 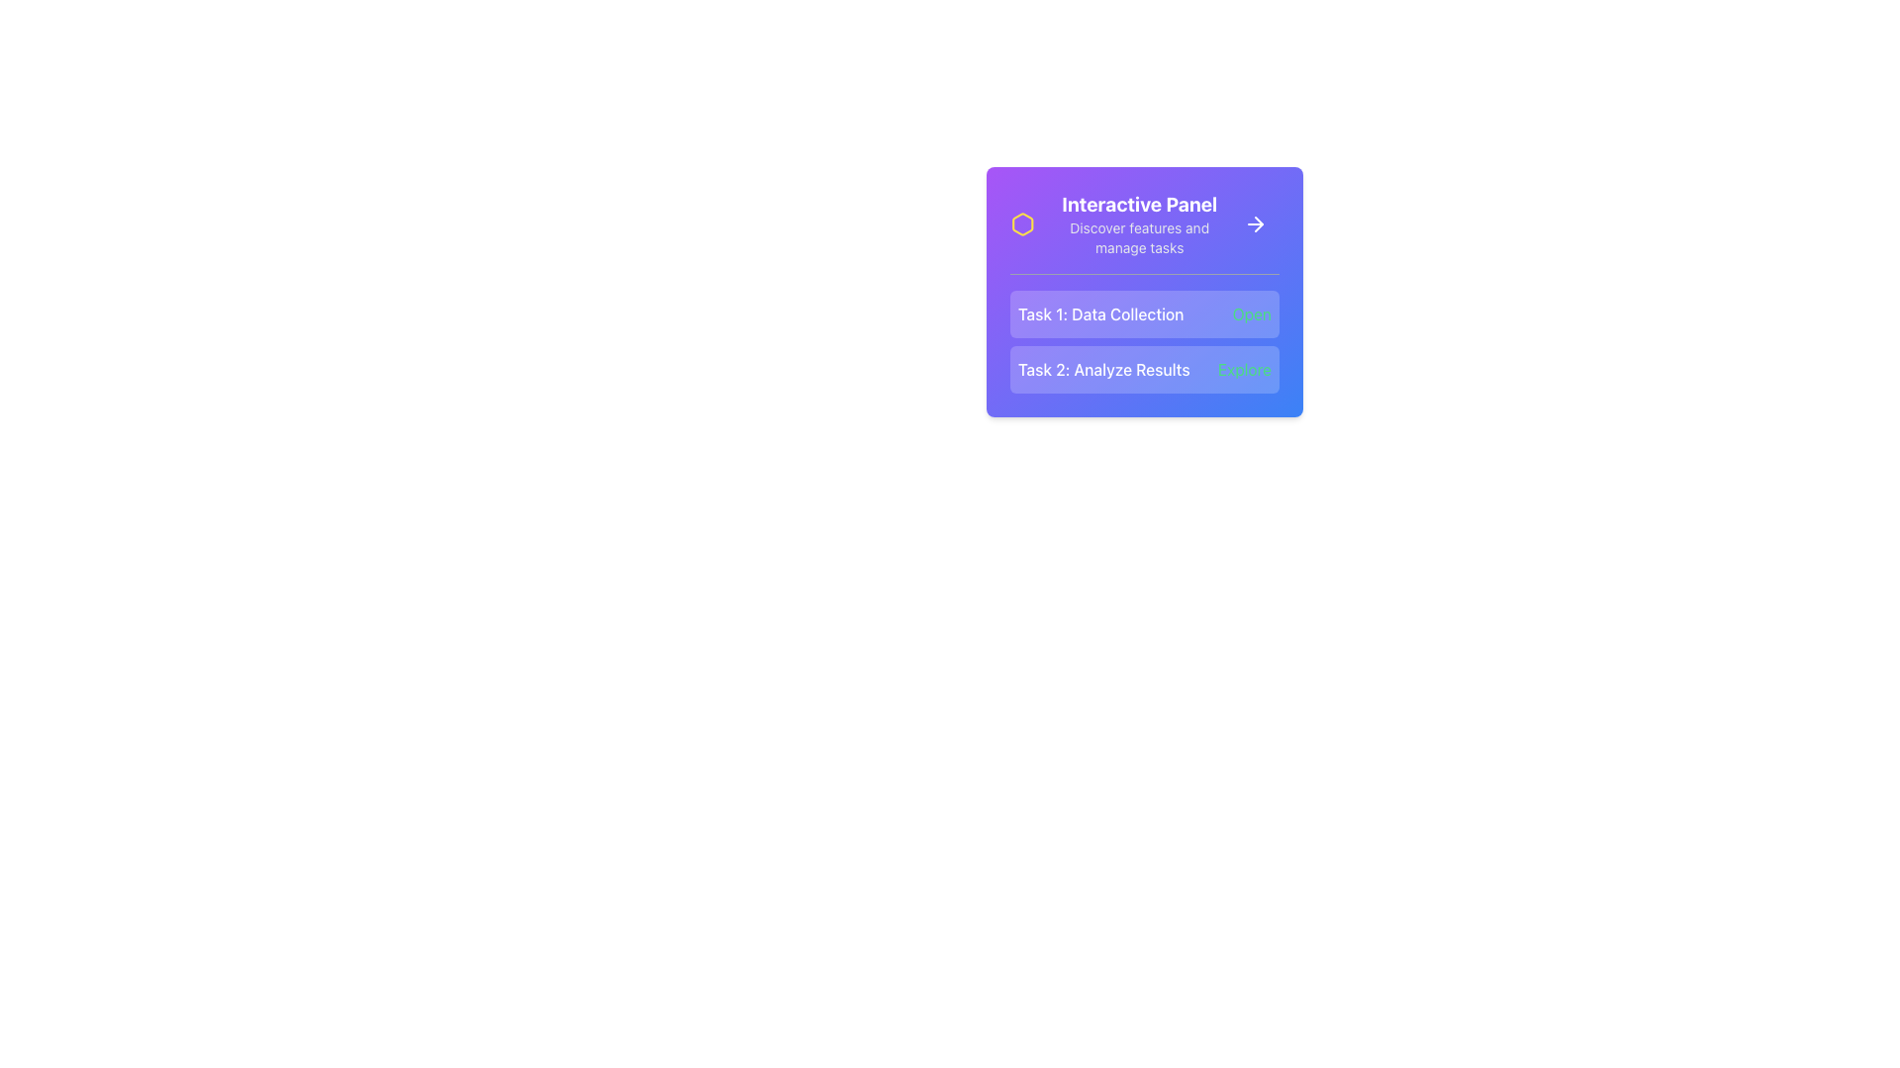 I want to click on the Separator line that visually divides the header section from the task list, located directly under the 'Discover features and manage tasks' section, so click(x=1144, y=274).